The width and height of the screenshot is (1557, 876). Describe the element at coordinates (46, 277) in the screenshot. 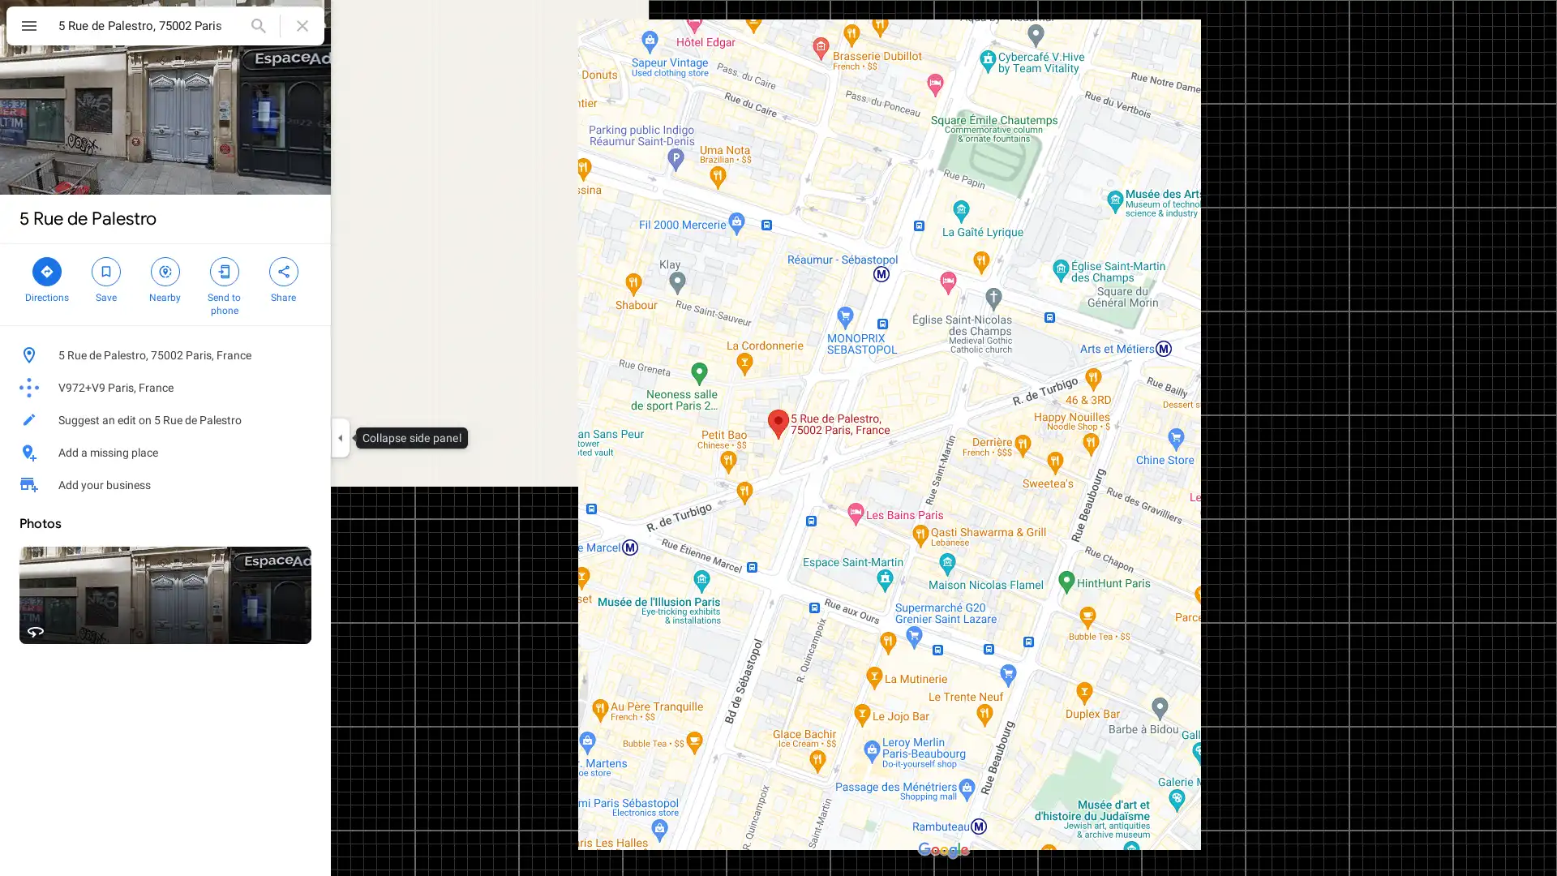

I see `Directions to 5 Rue de Palestro` at that location.